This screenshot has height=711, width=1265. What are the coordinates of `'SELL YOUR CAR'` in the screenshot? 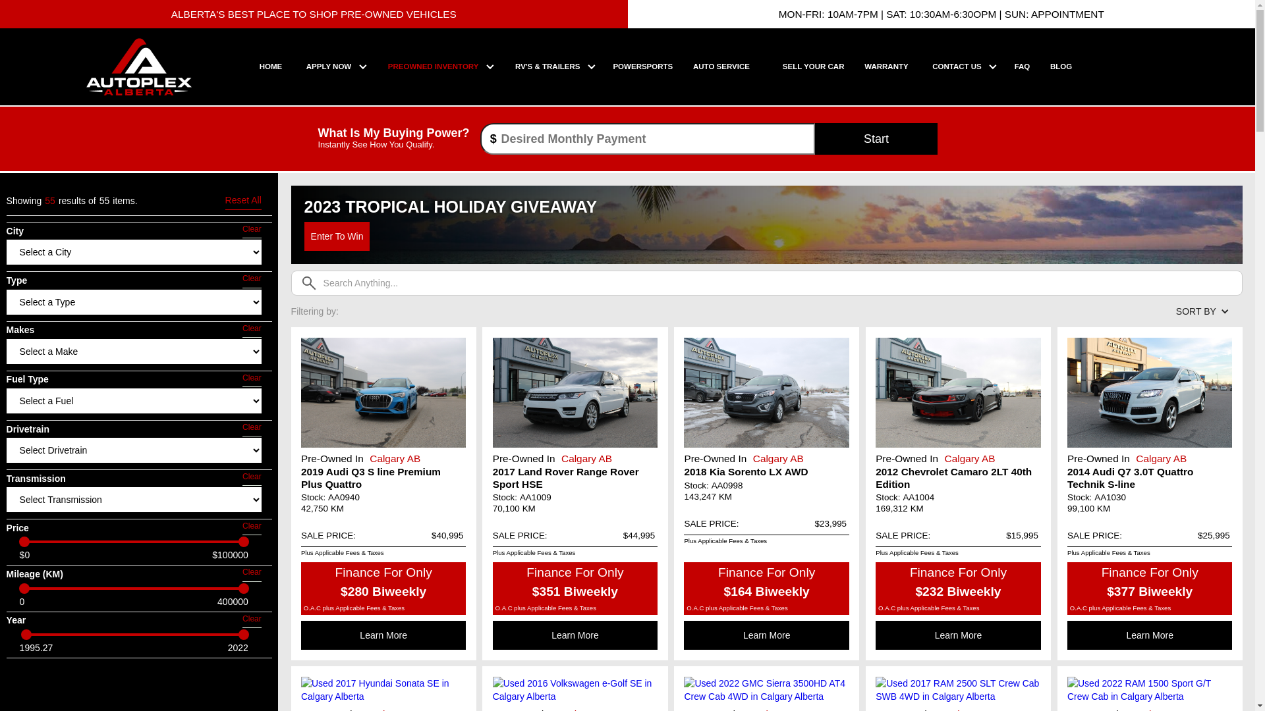 It's located at (812, 66).